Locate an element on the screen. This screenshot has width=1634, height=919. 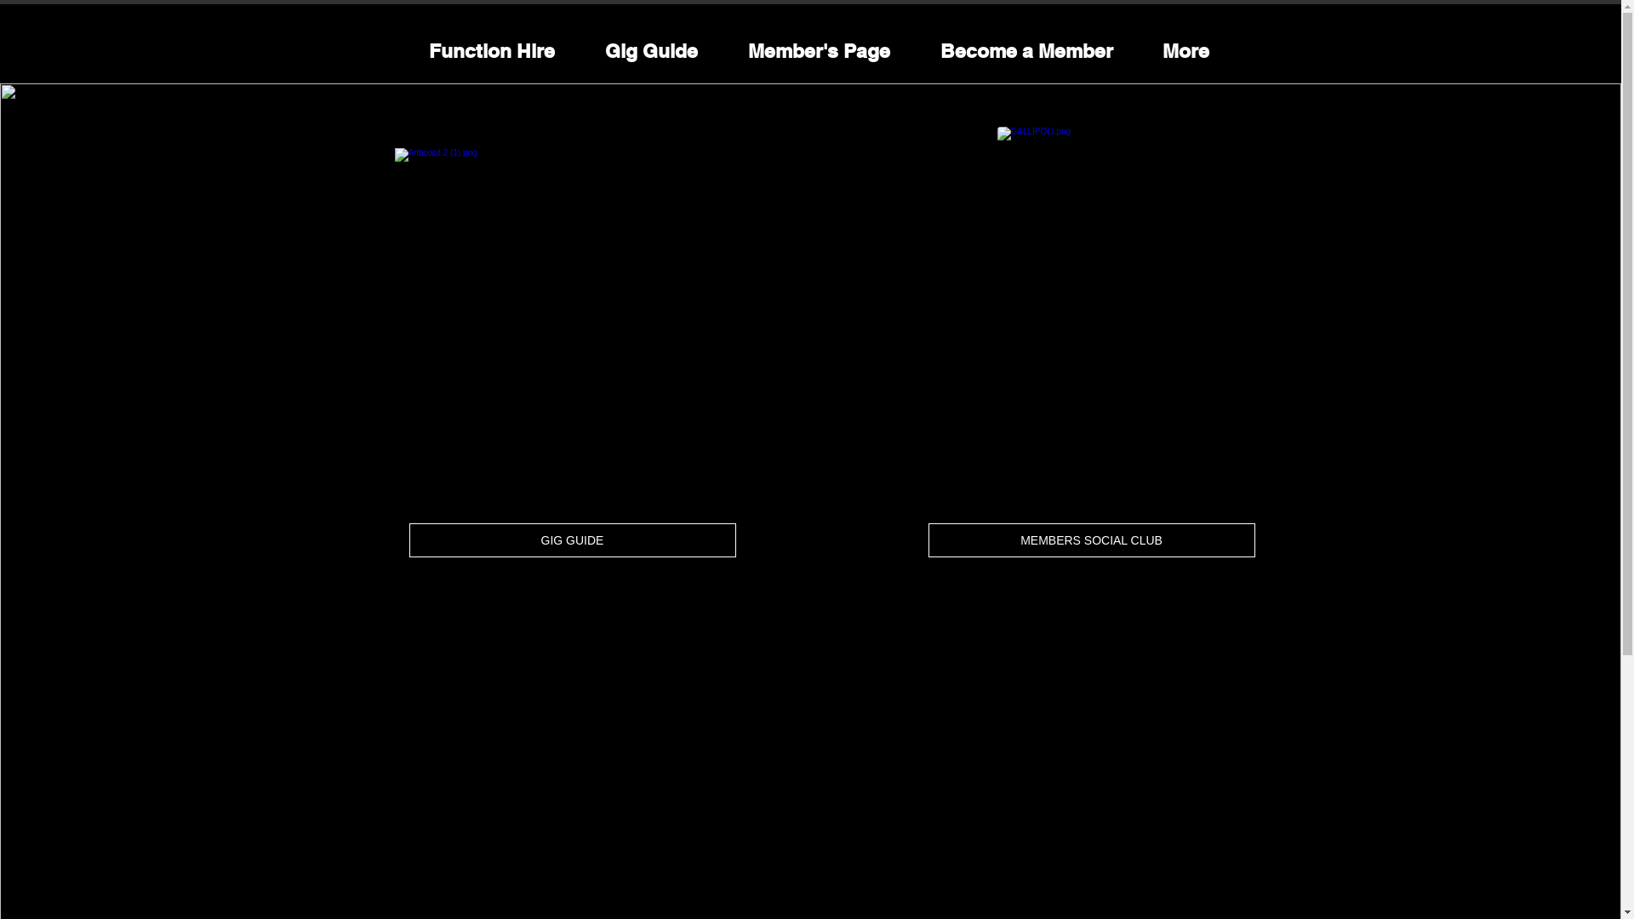
'MEMBERS SOCIAL CLUB' is located at coordinates (1090, 540).